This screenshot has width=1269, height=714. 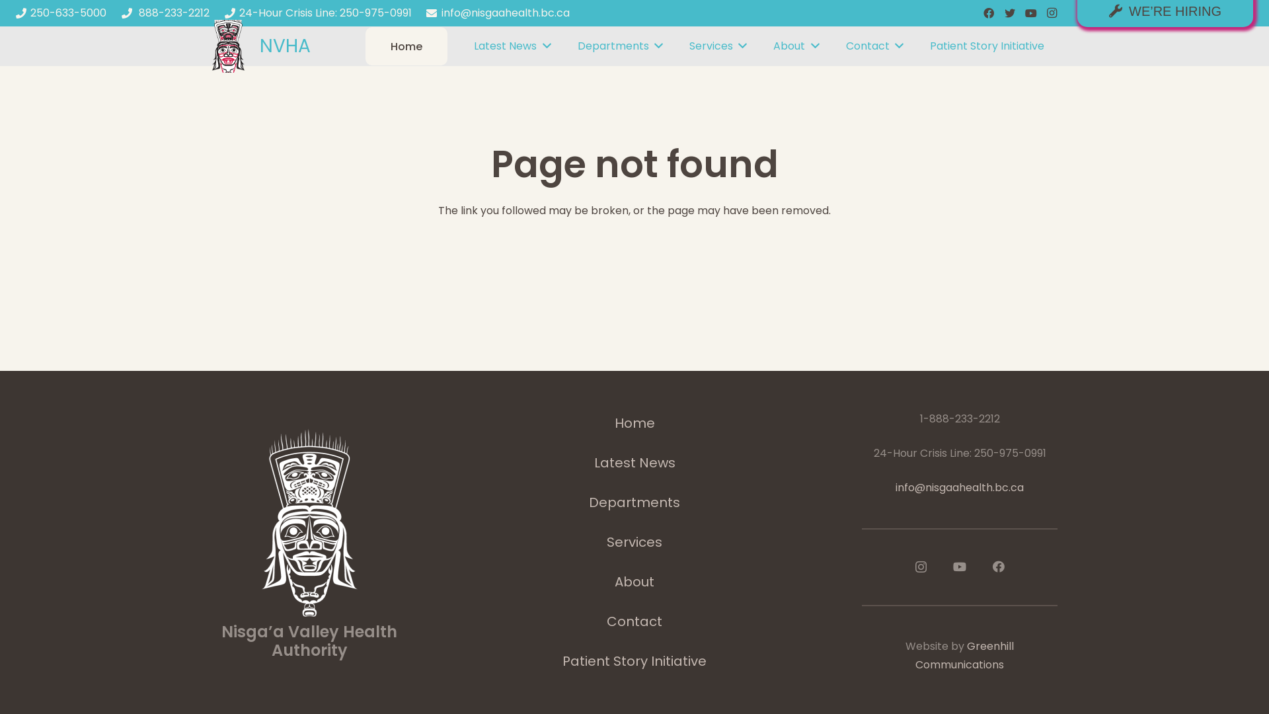 I want to click on 'YouTube', so click(x=960, y=565).